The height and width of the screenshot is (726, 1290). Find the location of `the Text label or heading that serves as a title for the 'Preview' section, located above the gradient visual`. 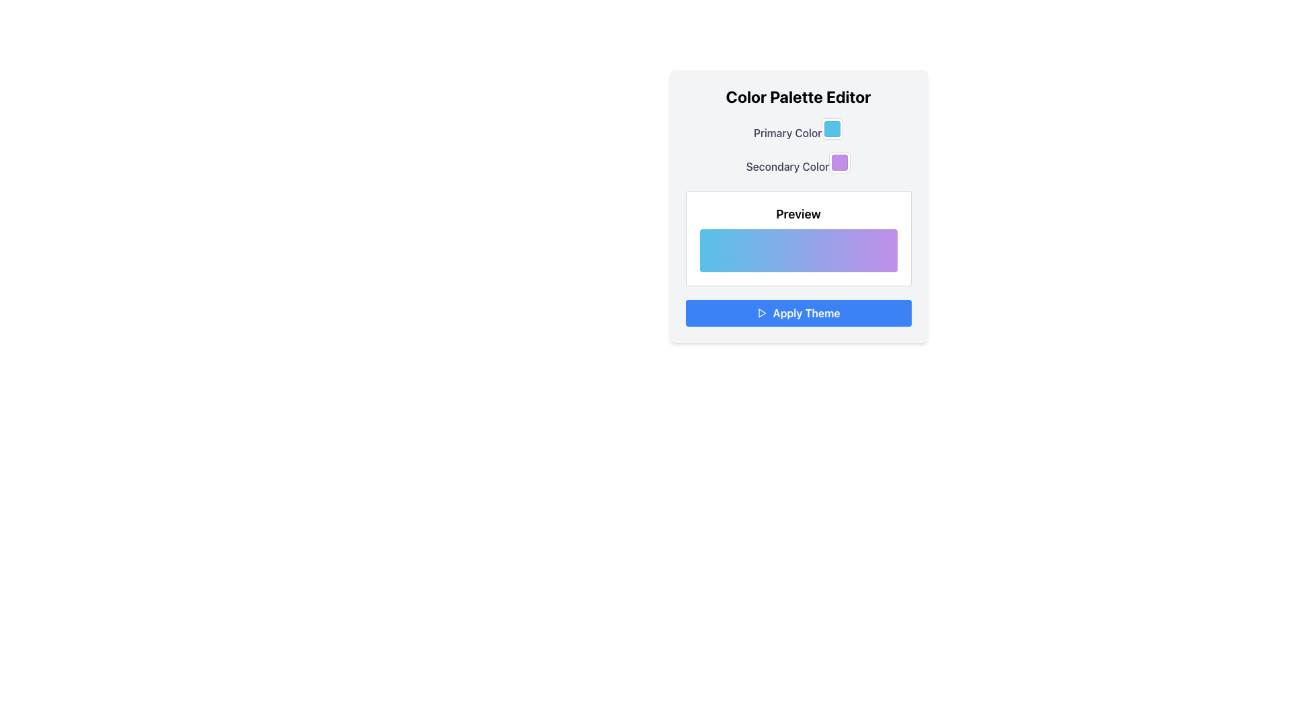

the Text label or heading that serves as a title for the 'Preview' section, located above the gradient visual is located at coordinates (798, 214).